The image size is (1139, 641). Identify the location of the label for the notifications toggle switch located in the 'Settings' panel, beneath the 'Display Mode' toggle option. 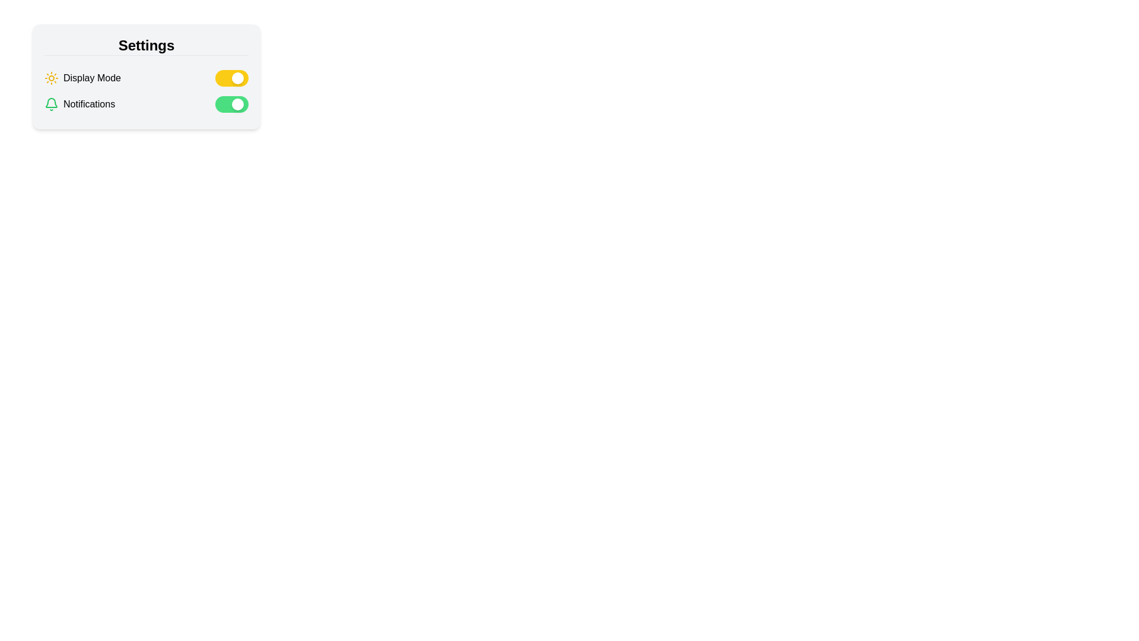
(79, 104).